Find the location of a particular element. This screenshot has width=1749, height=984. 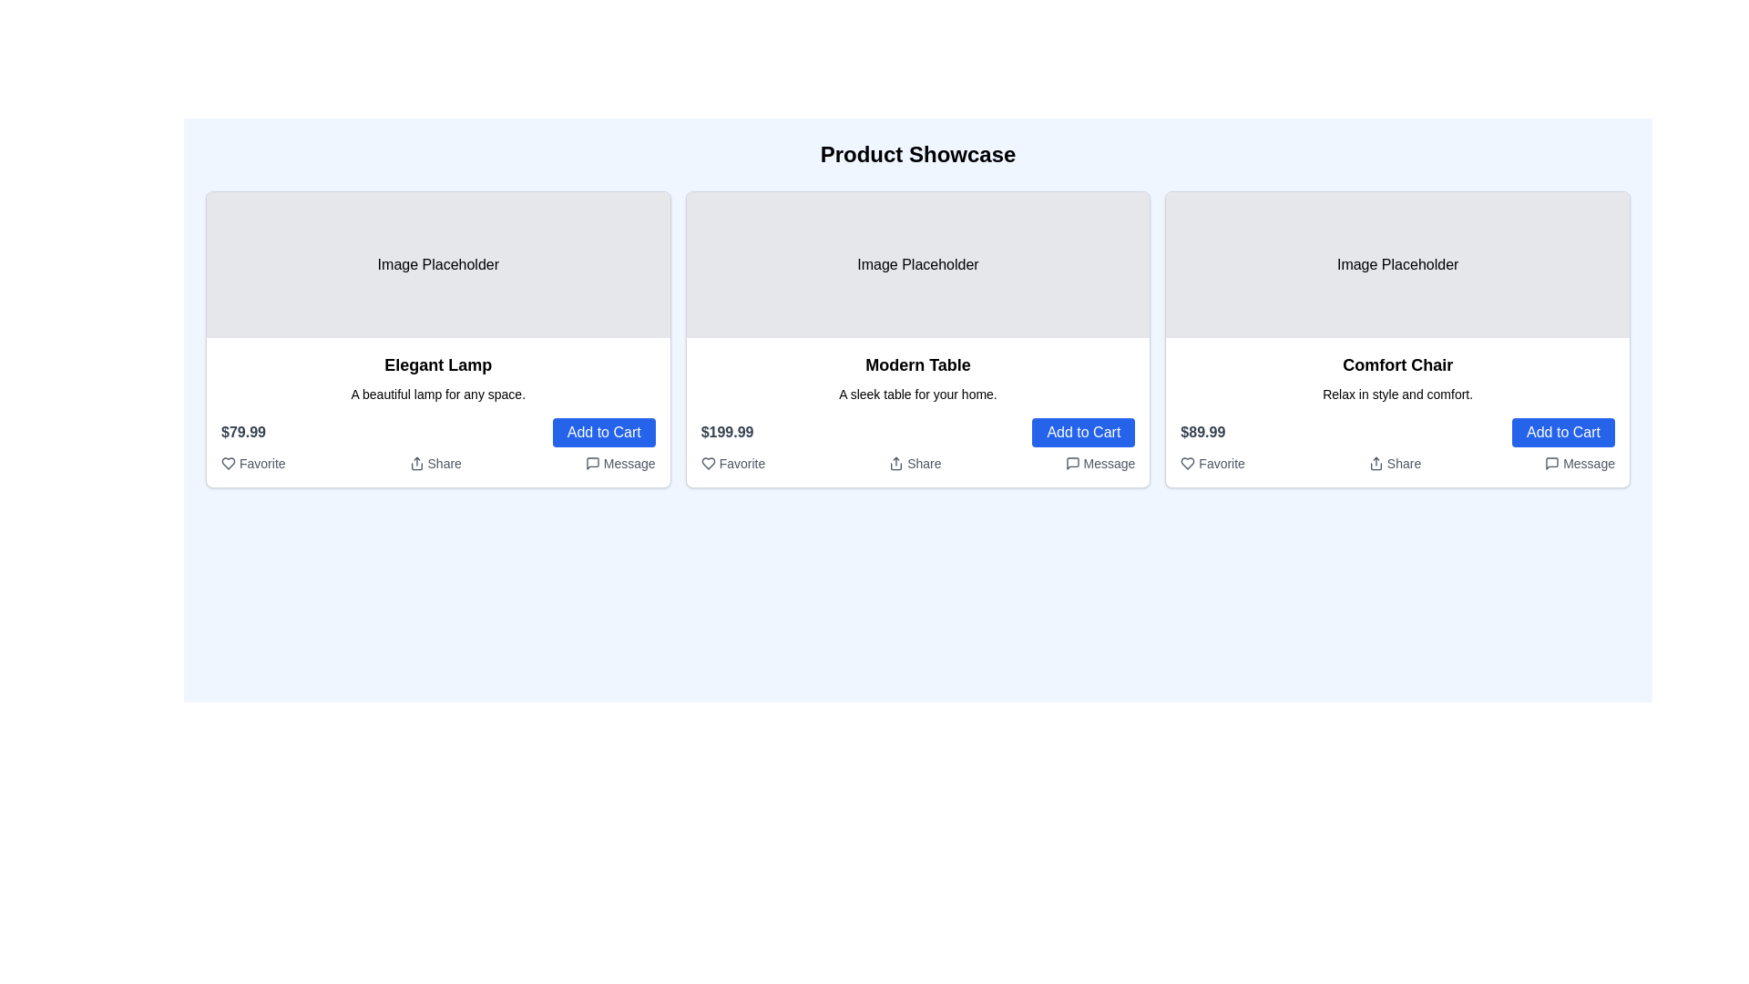

the 'Share' icon within the button of the 'Comfort Chair' product card to initiate sharing functionality is located at coordinates (1376, 463).